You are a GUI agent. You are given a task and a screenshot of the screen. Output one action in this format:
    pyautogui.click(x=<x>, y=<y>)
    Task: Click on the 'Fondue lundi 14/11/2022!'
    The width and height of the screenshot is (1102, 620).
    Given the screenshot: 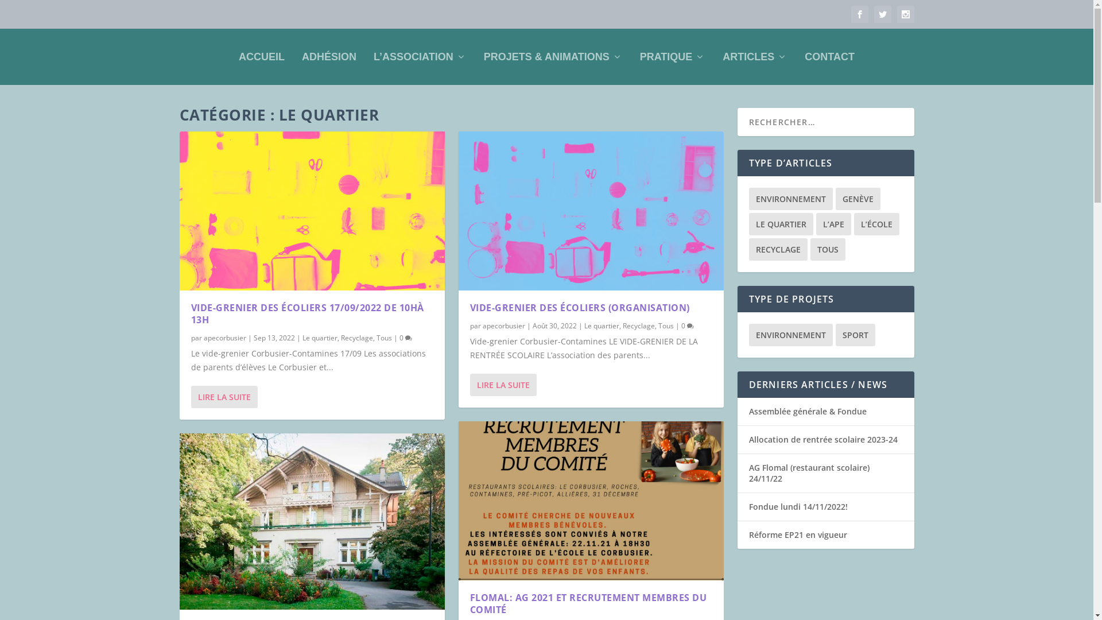 What is the action you would take?
    pyautogui.click(x=797, y=506)
    